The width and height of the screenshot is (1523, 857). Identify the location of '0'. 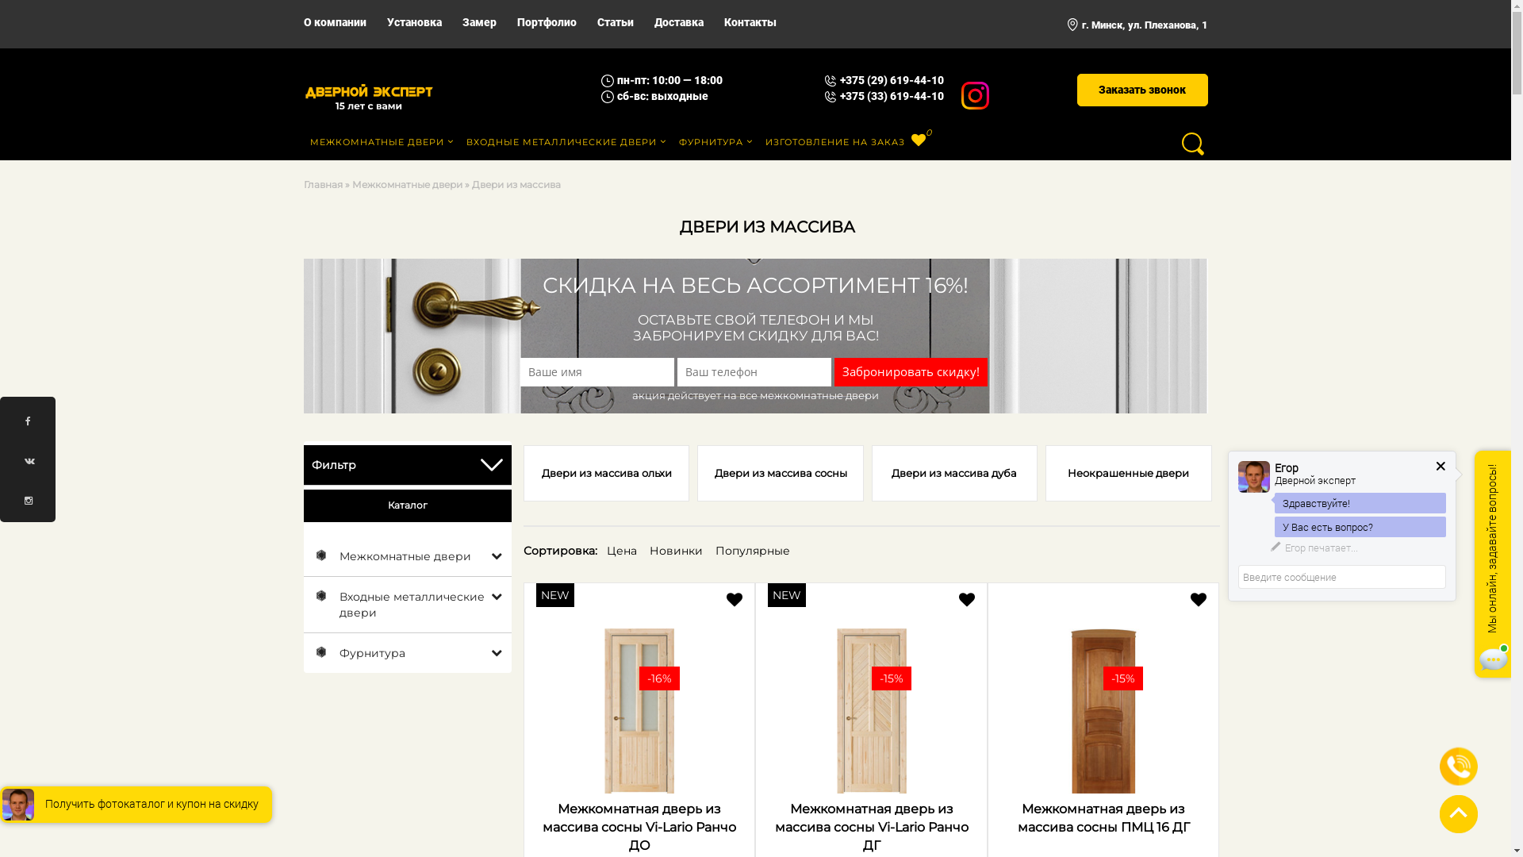
(904, 140).